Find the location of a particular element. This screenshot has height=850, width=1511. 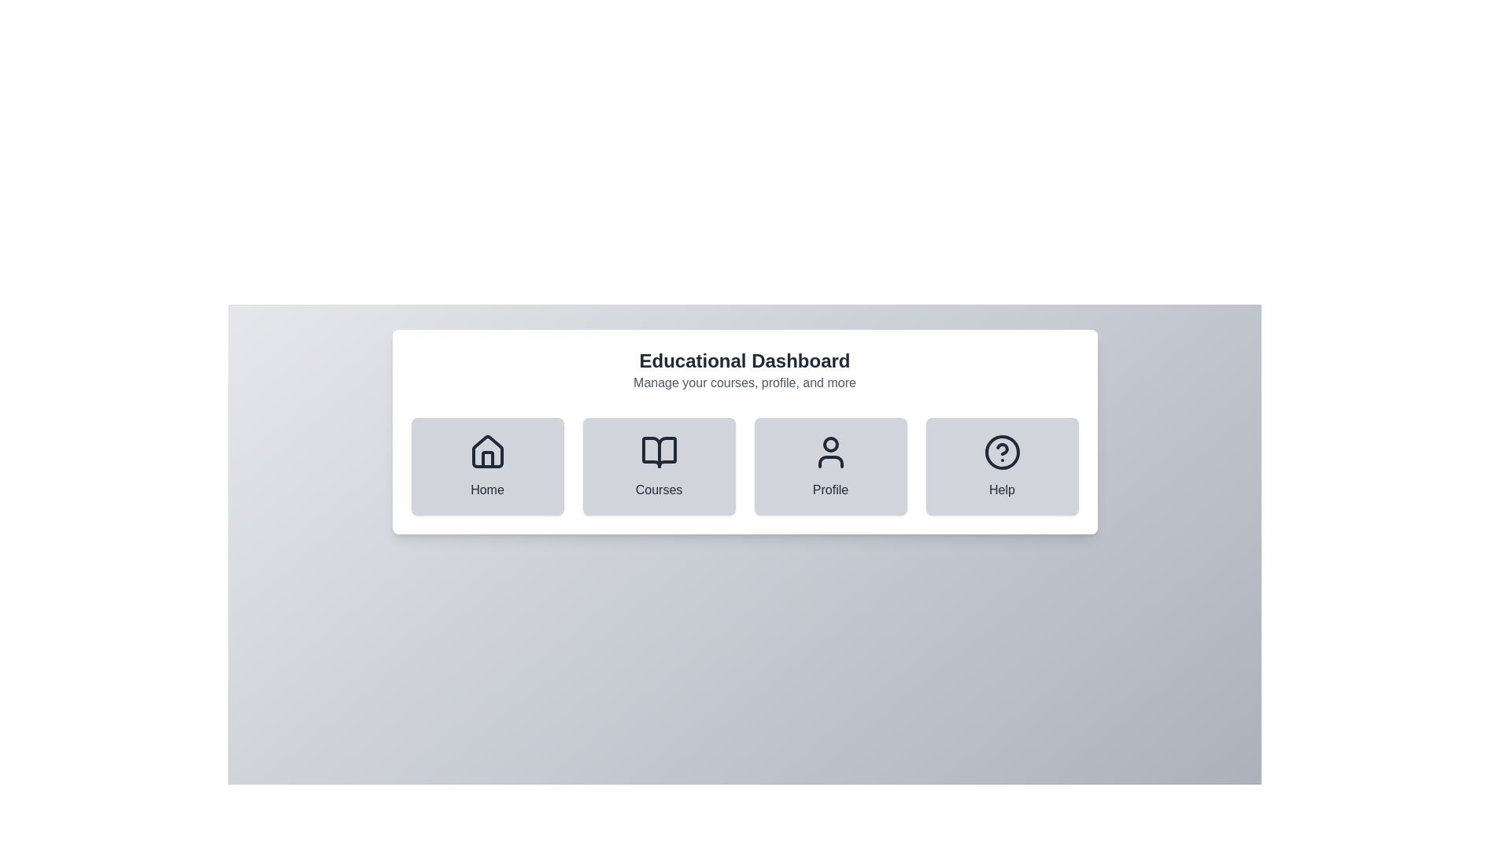

the second button in the grid layout that links to the user's courses section, which shows a tooltip with 'View your Courses' is located at coordinates (659, 466).